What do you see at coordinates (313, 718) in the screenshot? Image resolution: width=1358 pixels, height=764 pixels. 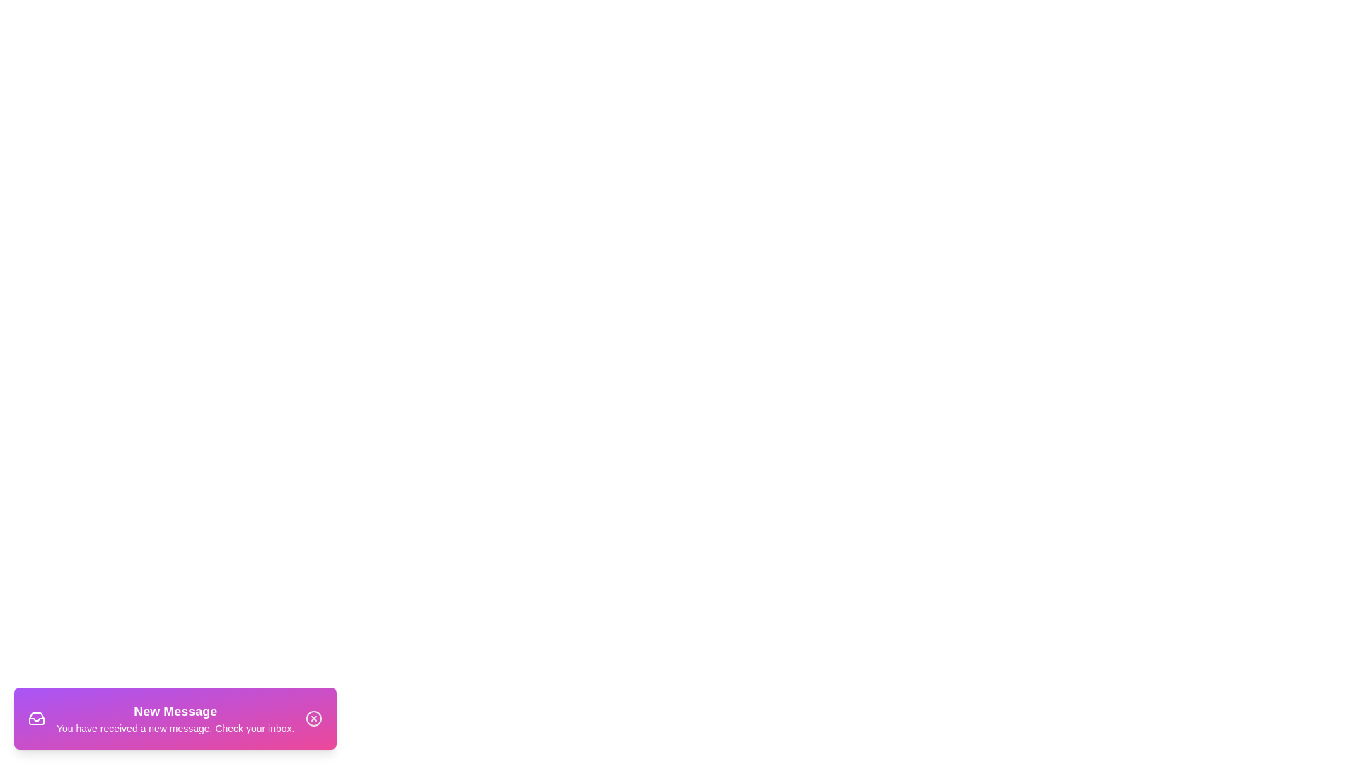 I see `the close button to dismiss the snackbar` at bounding box center [313, 718].